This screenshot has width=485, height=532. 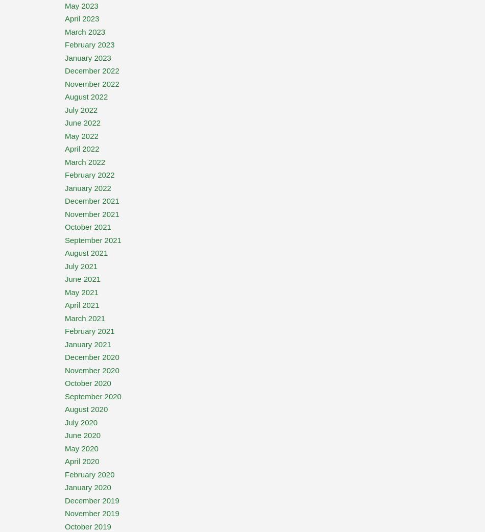 What do you see at coordinates (92, 200) in the screenshot?
I see `'December 2021'` at bounding box center [92, 200].